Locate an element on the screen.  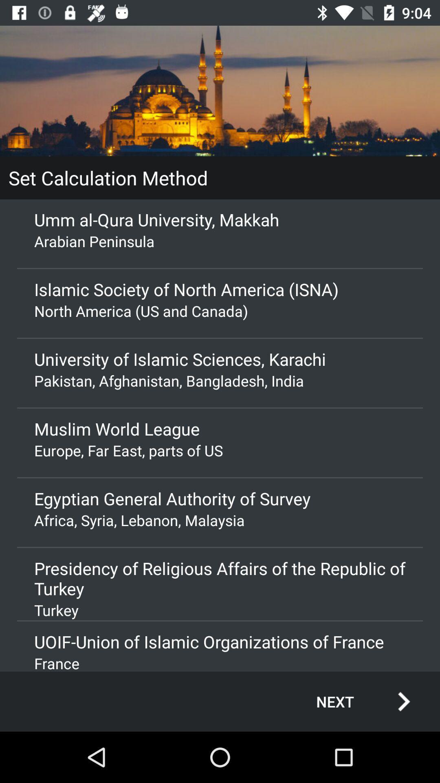
the app below pakistan afghanistan bangladesh item is located at coordinates (220, 428).